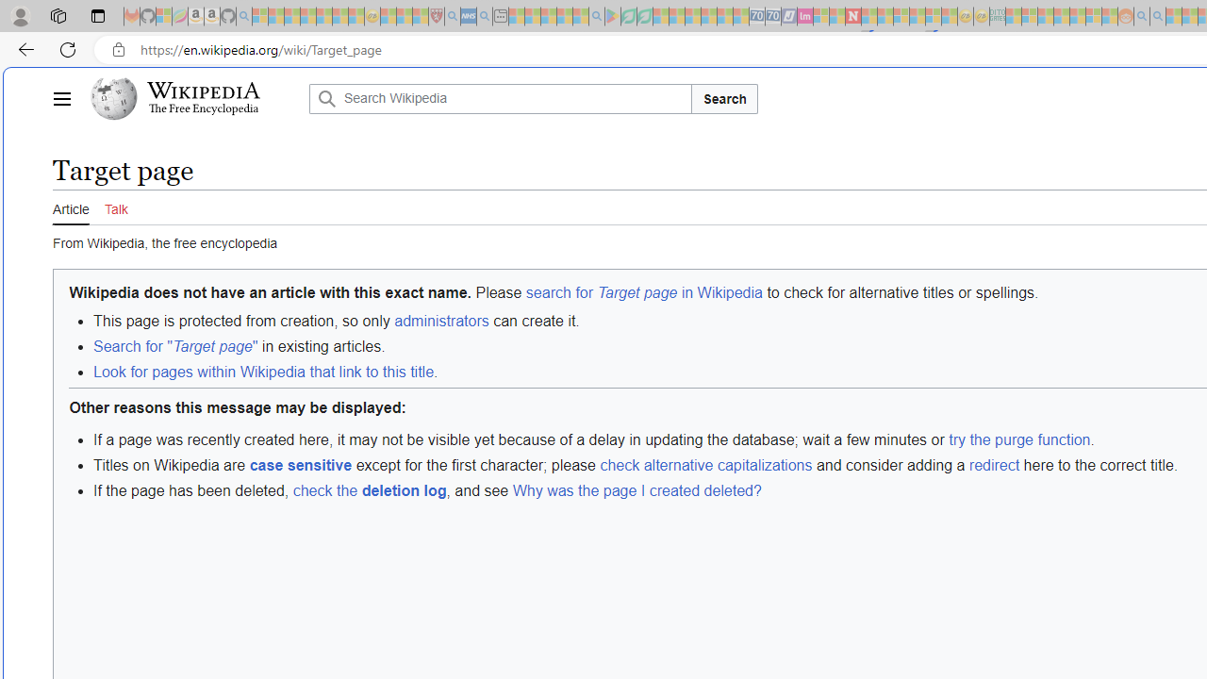 Image resolution: width=1207 pixels, height=679 pixels. Describe the element at coordinates (757, 16) in the screenshot. I see `'Cheap Car Rentals - Save70.com - Sleeping'` at that location.